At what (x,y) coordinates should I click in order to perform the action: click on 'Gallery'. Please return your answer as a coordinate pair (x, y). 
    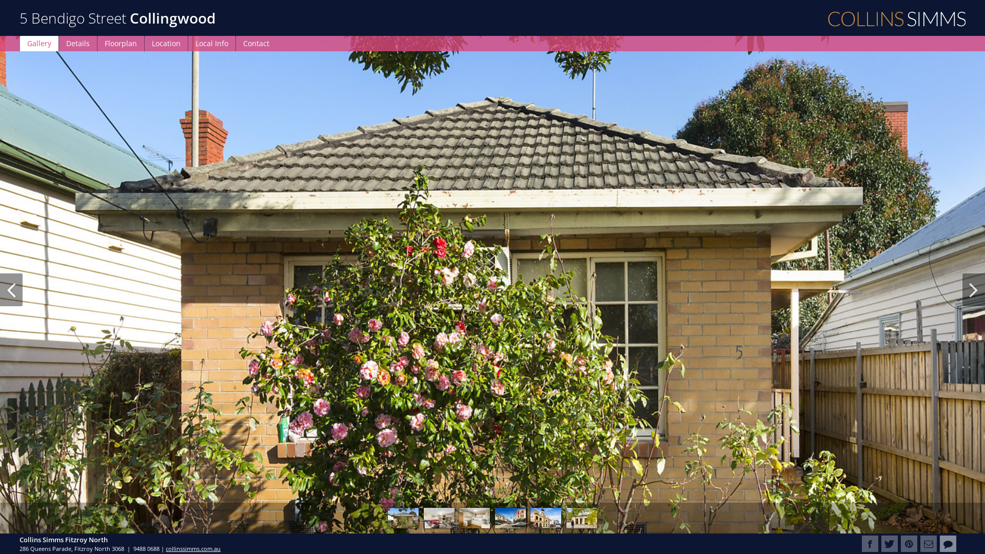
    Looking at the image, I should click on (39, 43).